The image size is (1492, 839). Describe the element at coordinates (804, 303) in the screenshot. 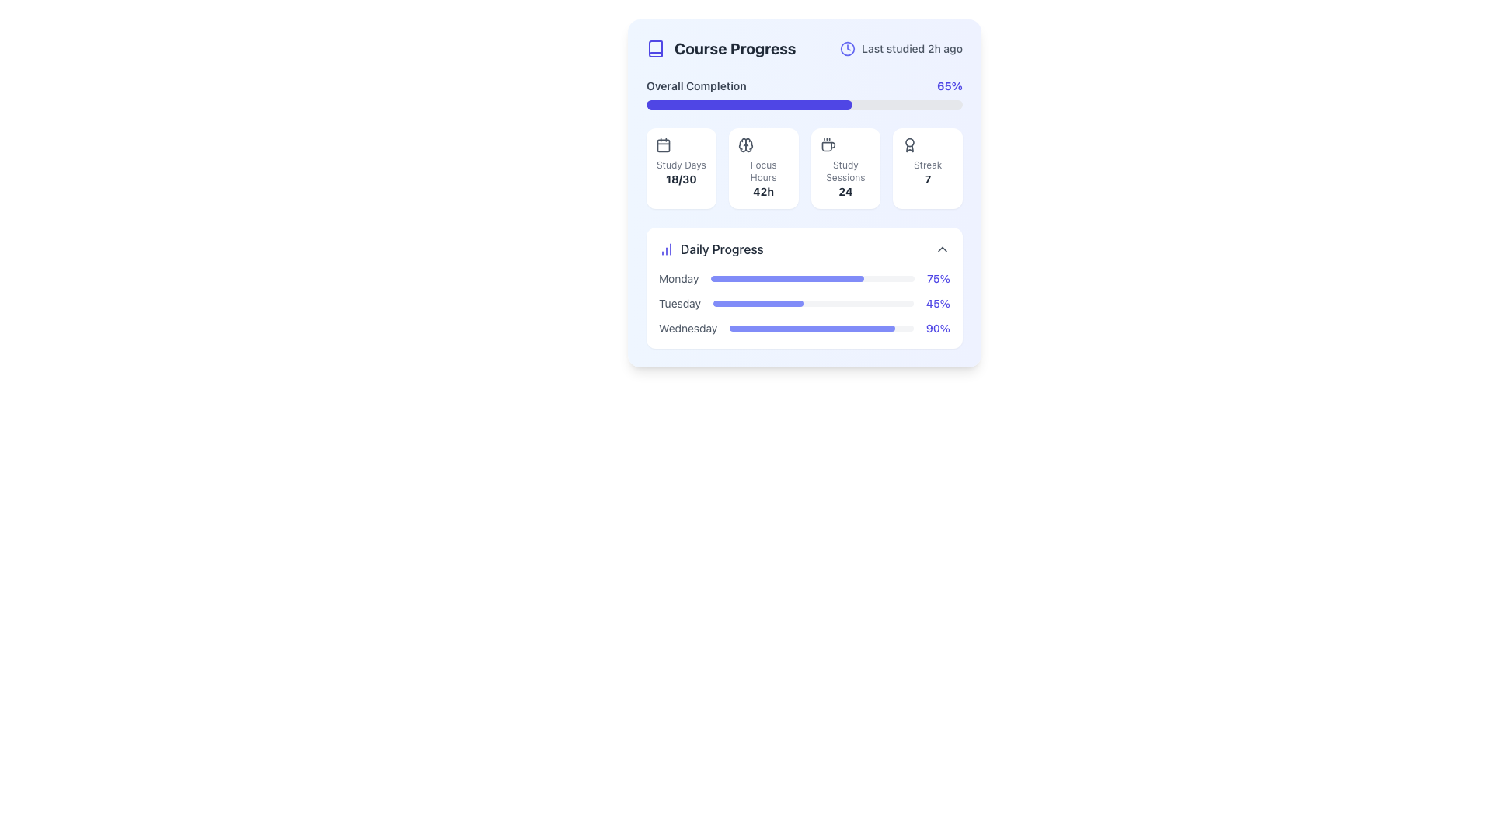

I see `the progress bar labeled 'Tuesday' which displays a 45% completion with an indigo filled portion, positioned within the 'Daily Progress' card` at that location.